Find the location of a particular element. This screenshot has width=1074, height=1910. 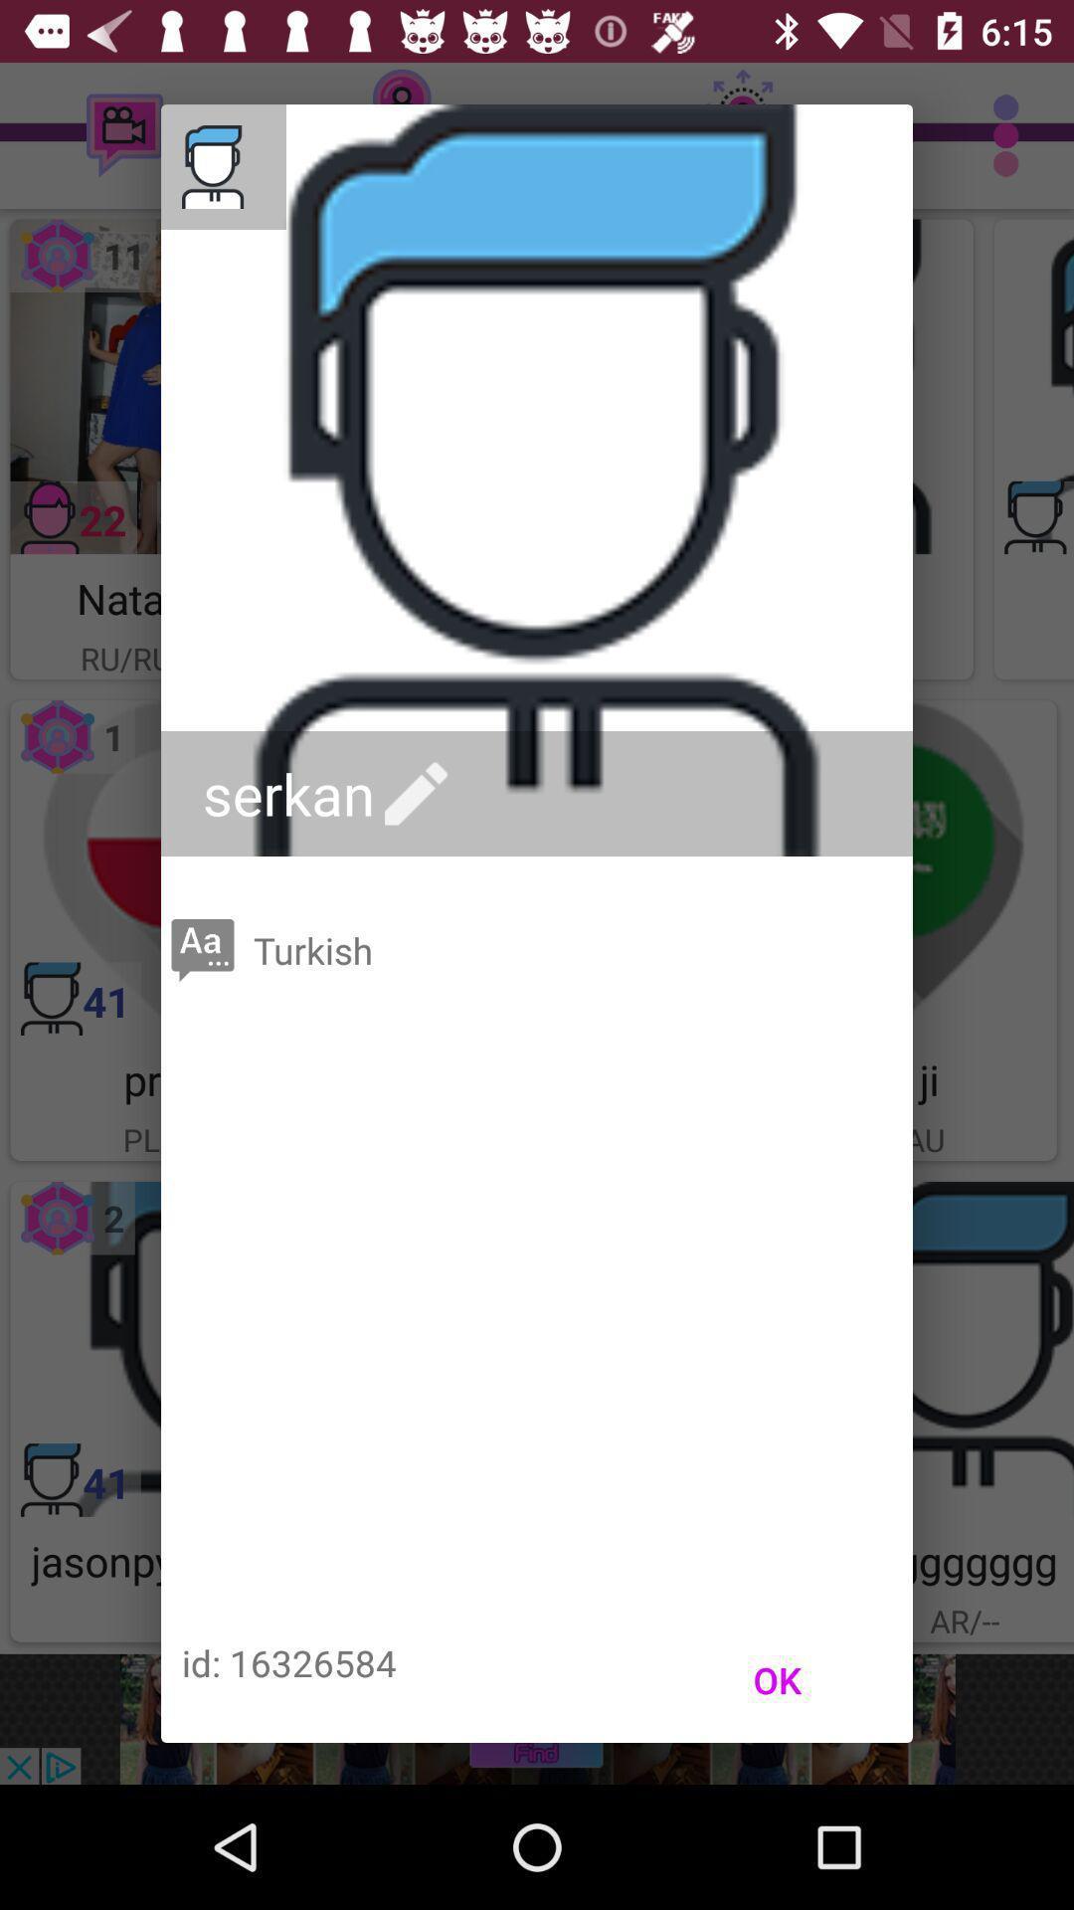

the serkan icon is located at coordinates (329, 792).